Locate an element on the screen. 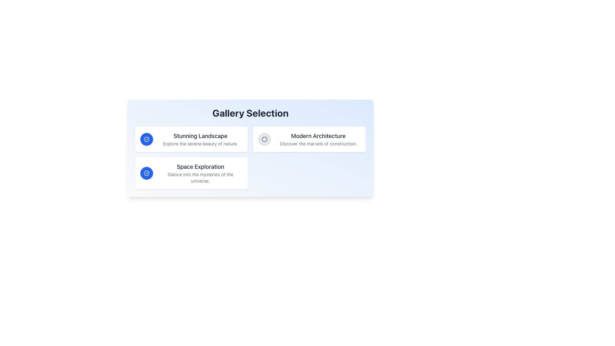 This screenshot has height=346, width=615. the circular blue selection button with a white checkmark inside it, located to the left of the text 'Stunning Landscape' in the Gallery Selection section is located at coordinates (146, 139).